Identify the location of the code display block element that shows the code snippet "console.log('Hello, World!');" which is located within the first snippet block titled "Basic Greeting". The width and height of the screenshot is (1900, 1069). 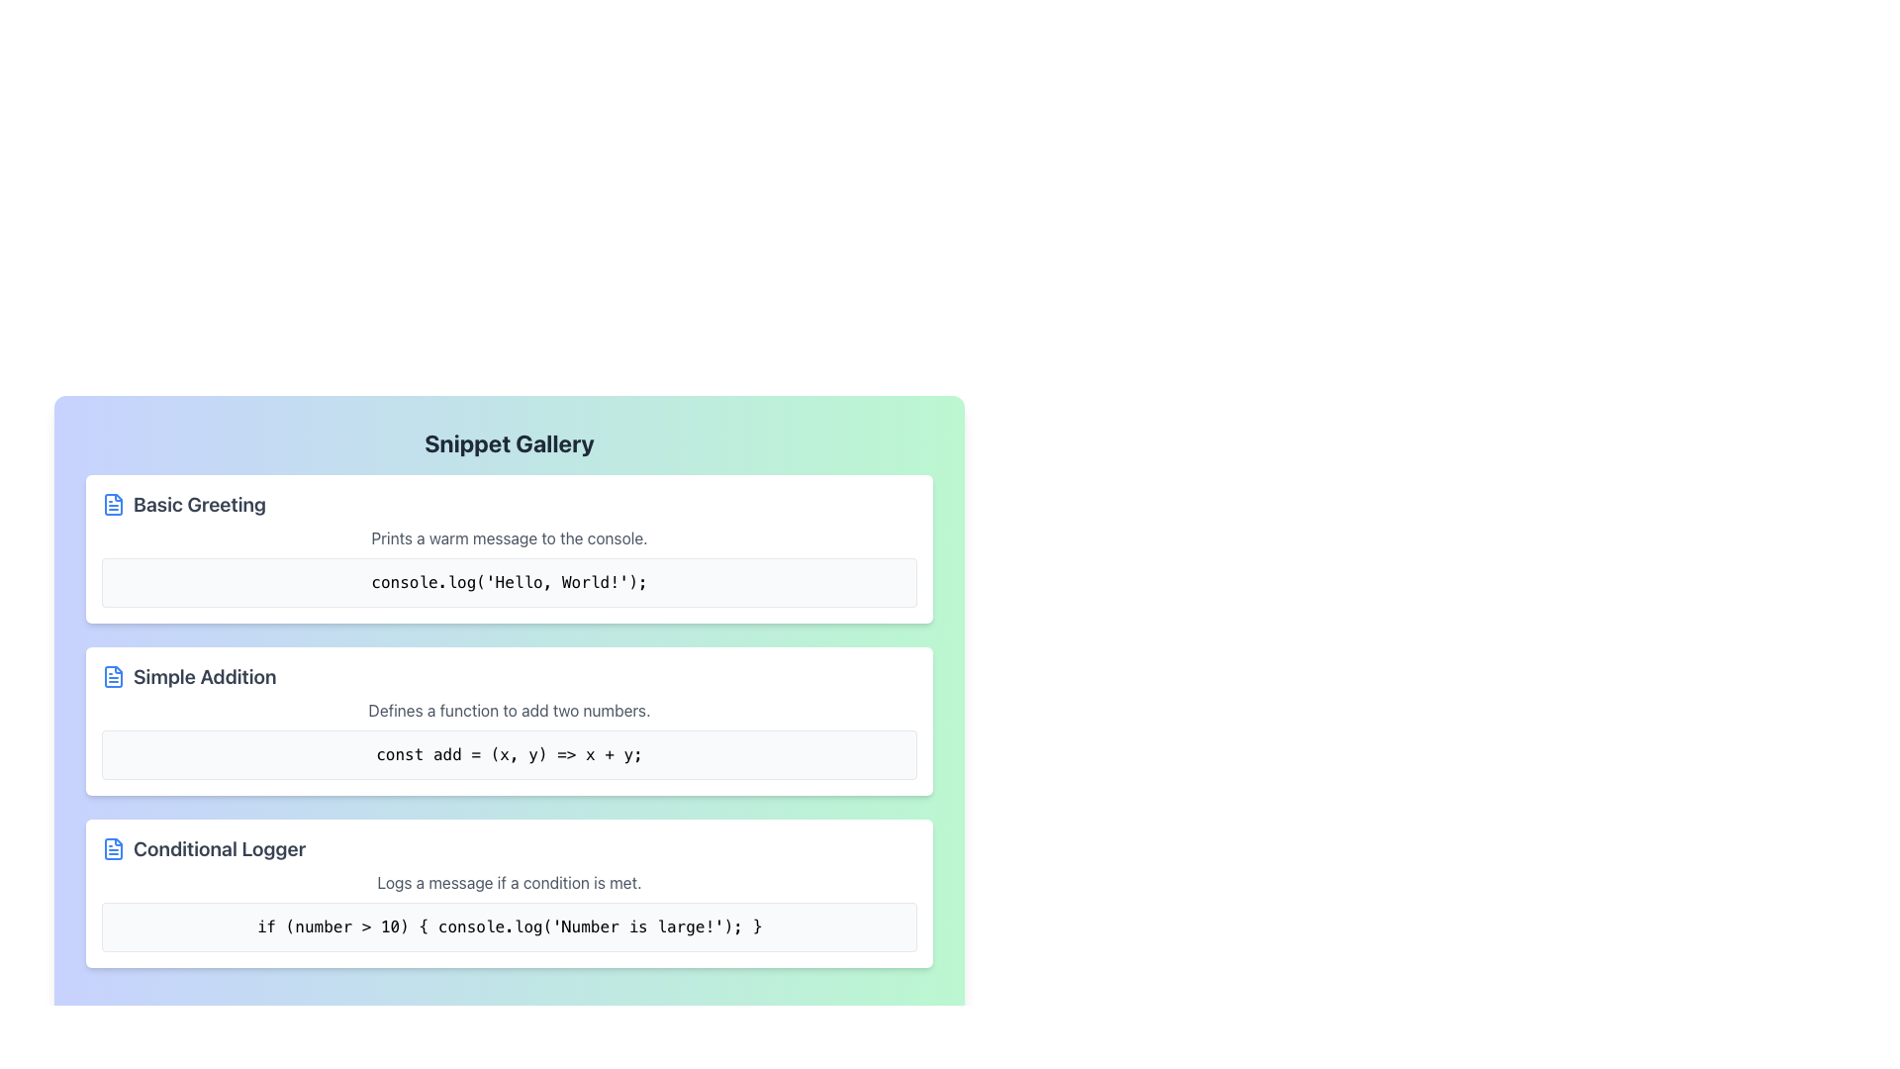
(509, 581).